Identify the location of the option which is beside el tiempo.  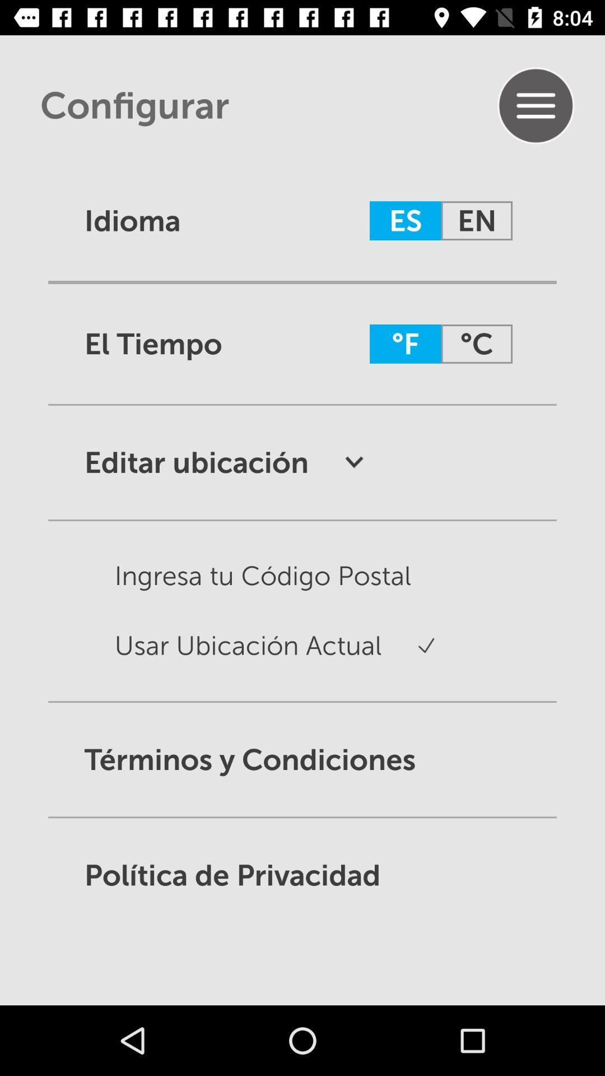
(440, 344).